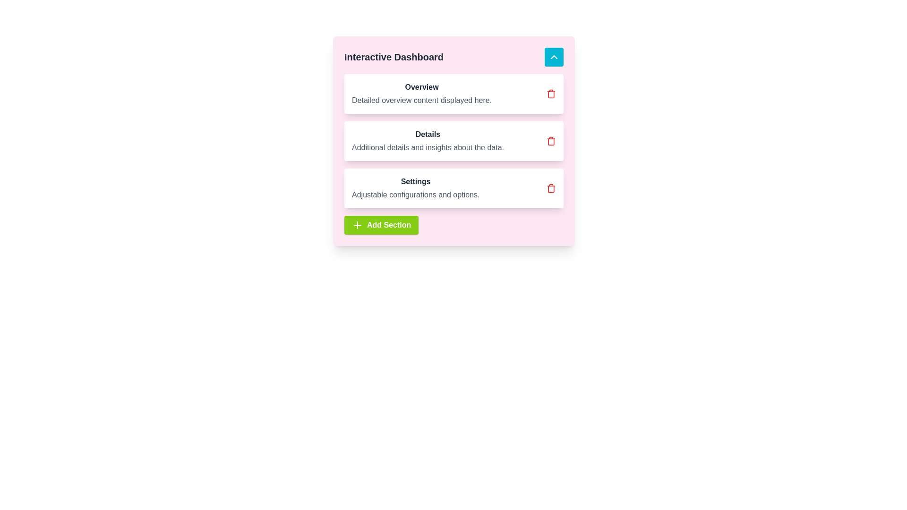 The width and height of the screenshot is (907, 510). I want to click on the red trash can icon button located at the top-right corner of the 'Overview' section of the dashboard, so click(551, 94).